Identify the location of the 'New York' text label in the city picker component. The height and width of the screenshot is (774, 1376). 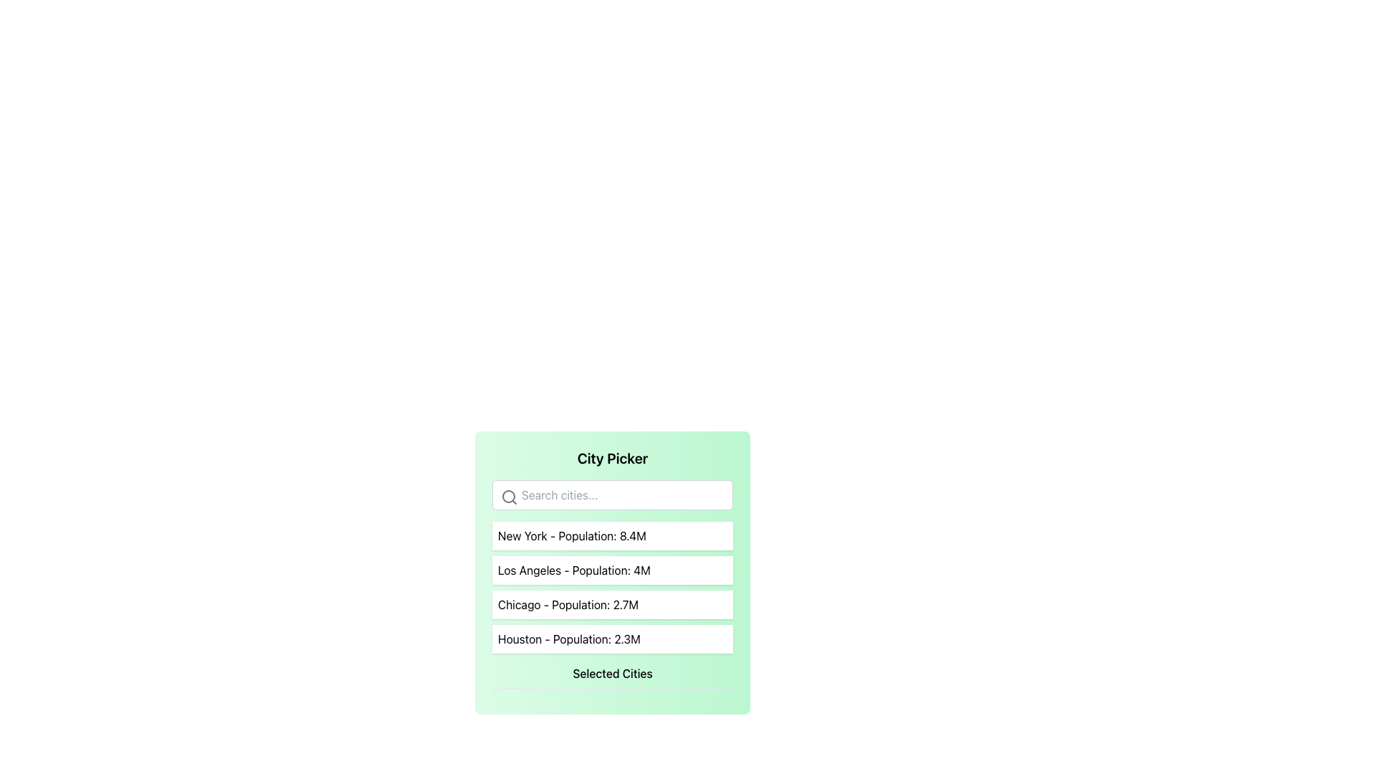
(571, 536).